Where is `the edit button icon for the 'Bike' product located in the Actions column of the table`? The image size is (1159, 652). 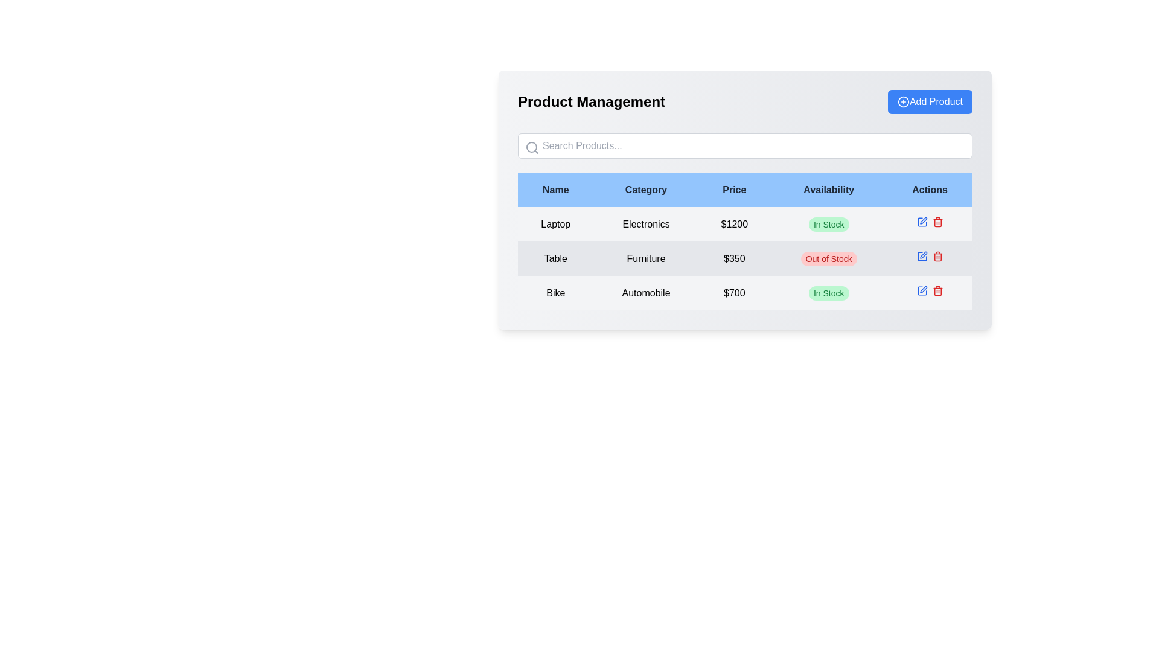 the edit button icon for the 'Bike' product located in the Actions column of the table is located at coordinates (921, 291).